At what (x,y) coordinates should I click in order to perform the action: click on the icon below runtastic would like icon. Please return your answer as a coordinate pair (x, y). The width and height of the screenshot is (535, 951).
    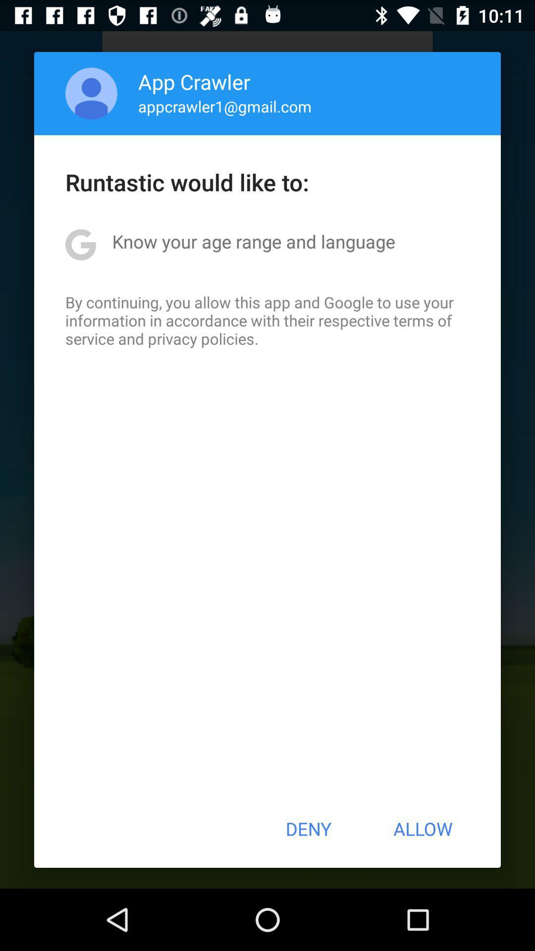
    Looking at the image, I should click on (253, 241).